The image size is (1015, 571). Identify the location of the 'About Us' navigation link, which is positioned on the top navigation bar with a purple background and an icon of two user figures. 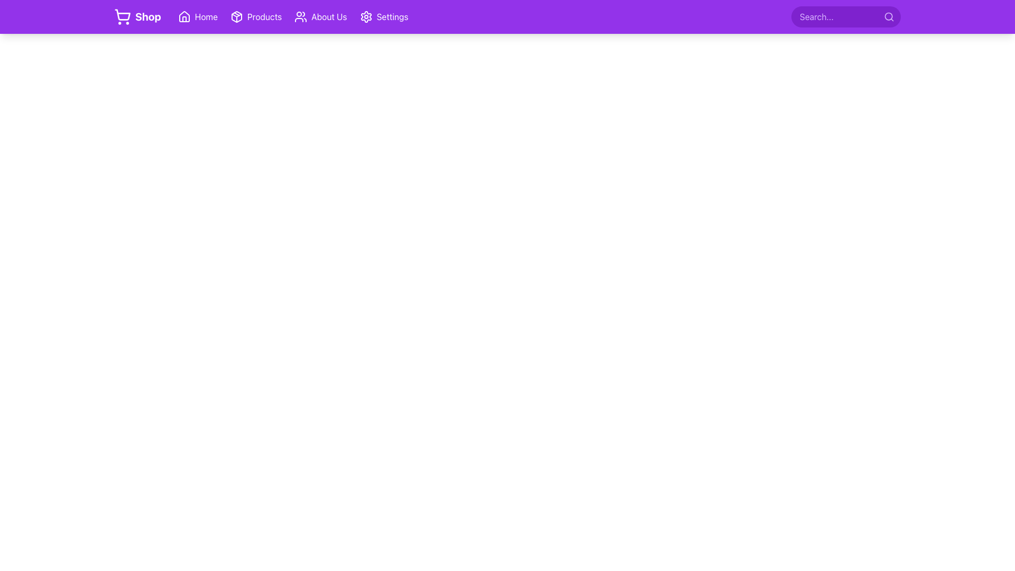
(320, 16).